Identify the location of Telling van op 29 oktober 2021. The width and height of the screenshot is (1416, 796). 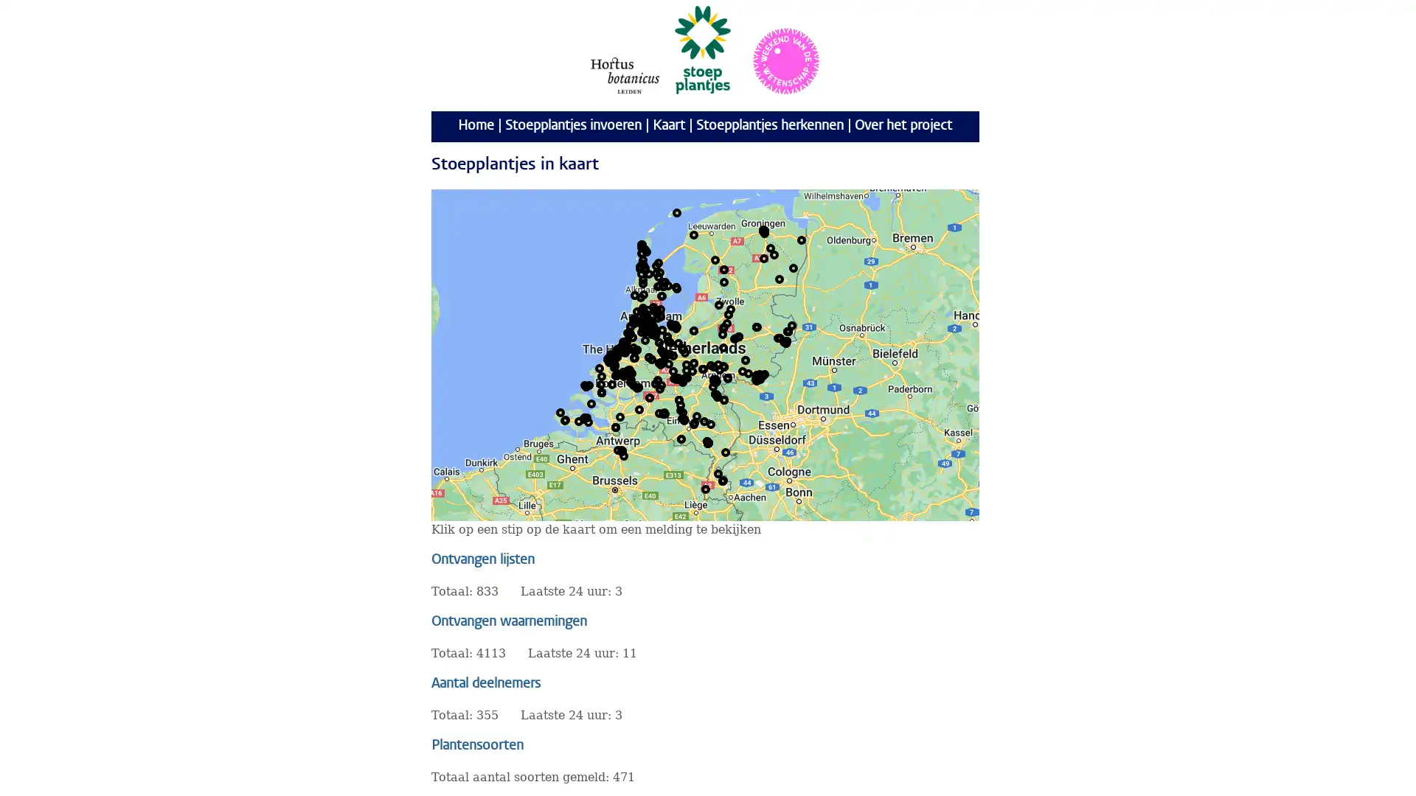
(644, 320).